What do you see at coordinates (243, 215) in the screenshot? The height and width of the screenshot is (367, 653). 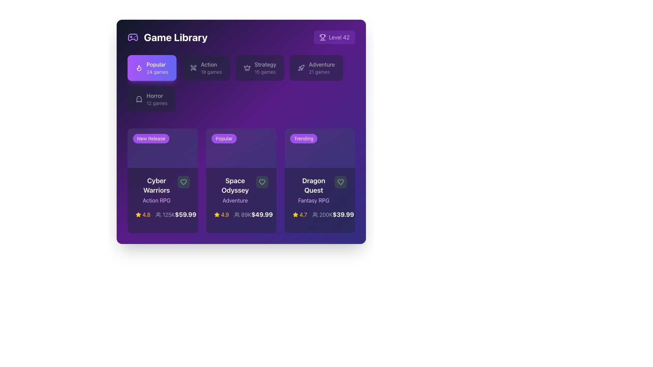 I see `the Label with Icon that features a gray user's group icon followed by the text '89K' in gray font, positioned as the second item in a horizontal group of items` at bounding box center [243, 215].